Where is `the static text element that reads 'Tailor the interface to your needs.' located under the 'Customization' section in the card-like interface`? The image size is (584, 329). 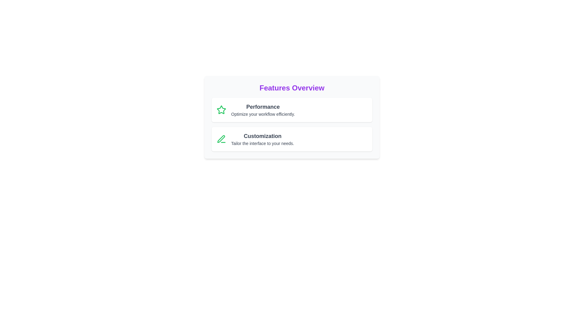
the static text element that reads 'Tailor the interface to your needs.' located under the 'Customization' section in the card-like interface is located at coordinates (262, 143).